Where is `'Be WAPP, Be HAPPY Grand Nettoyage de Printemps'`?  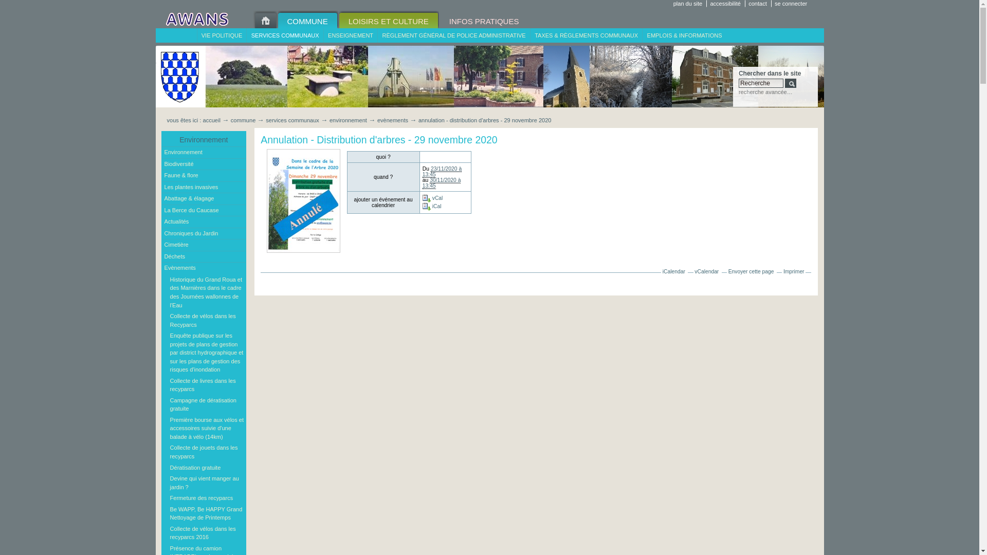 'Be WAPP, Be HAPPY Grand Nettoyage de Printemps' is located at coordinates (206, 513).